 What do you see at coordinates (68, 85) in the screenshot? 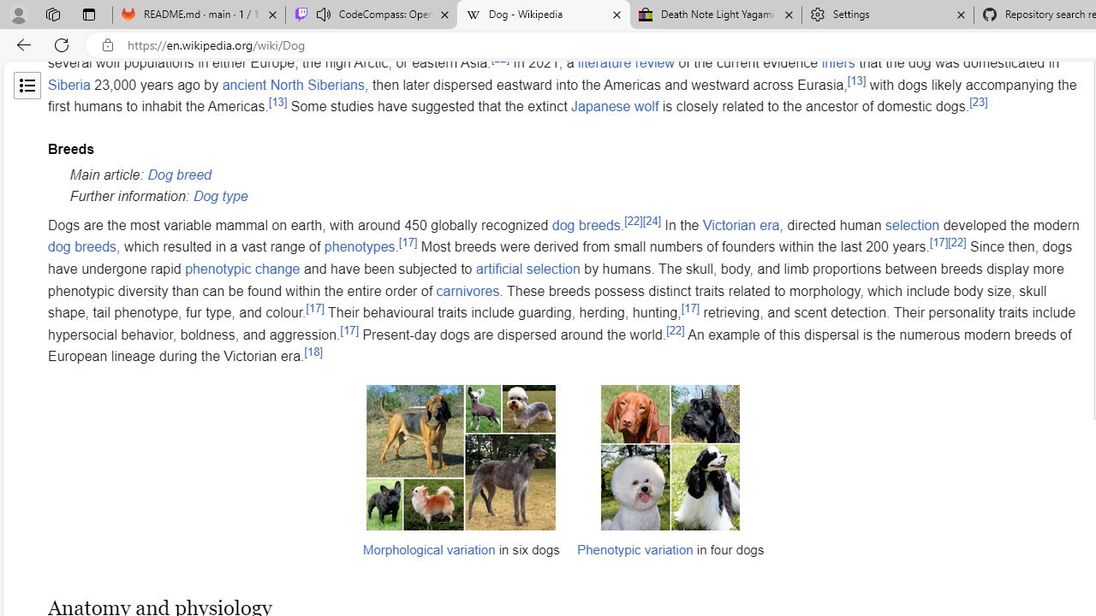
I see `'Siberia'` at bounding box center [68, 85].